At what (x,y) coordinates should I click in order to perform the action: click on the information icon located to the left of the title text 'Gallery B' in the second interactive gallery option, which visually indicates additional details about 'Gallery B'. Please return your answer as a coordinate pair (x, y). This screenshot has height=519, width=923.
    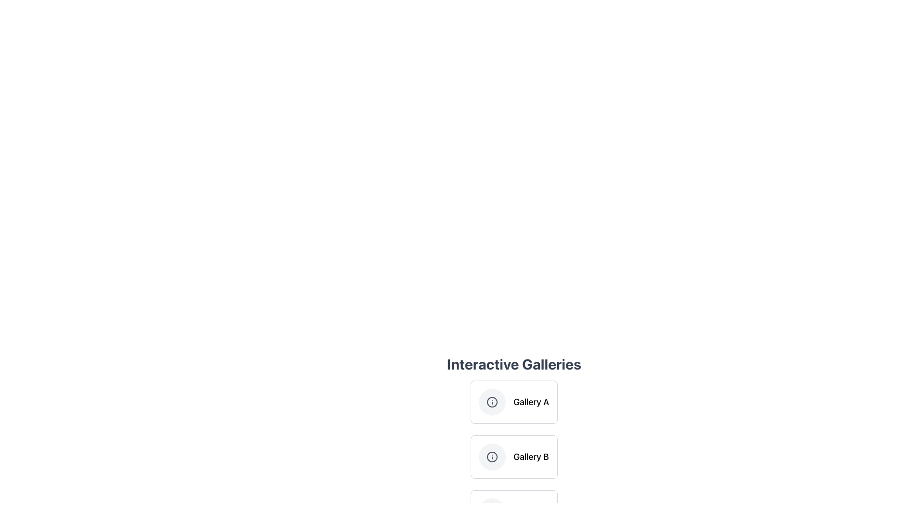
    Looking at the image, I should click on (492, 457).